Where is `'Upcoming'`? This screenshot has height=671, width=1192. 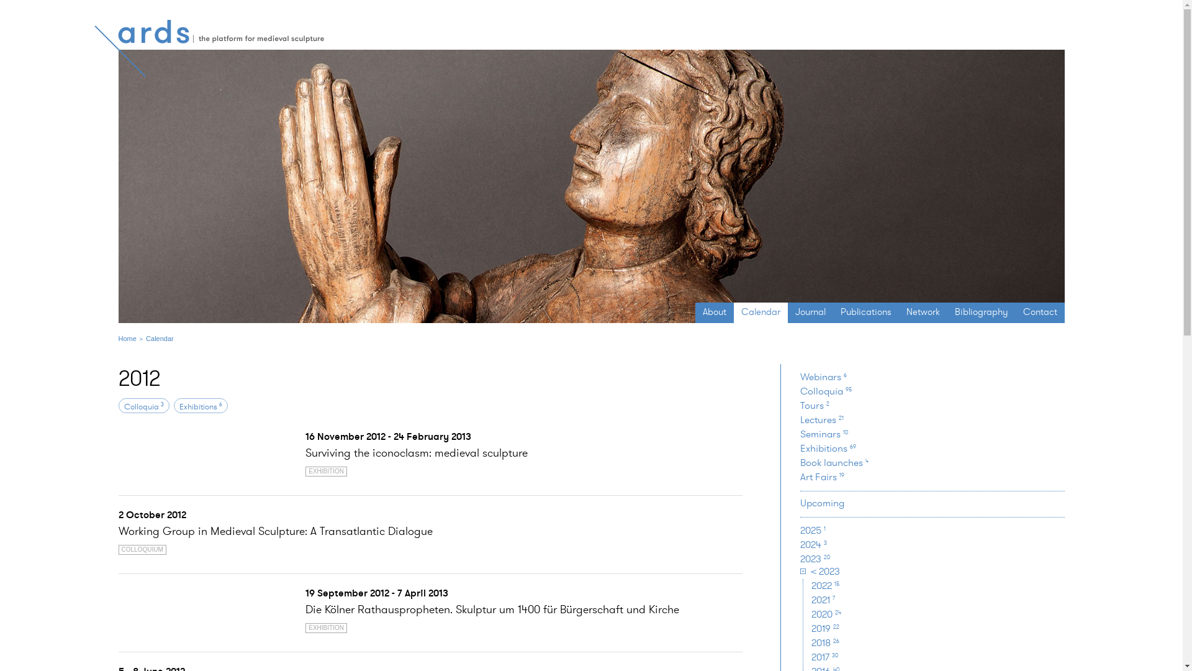
'Upcoming' is located at coordinates (822, 502).